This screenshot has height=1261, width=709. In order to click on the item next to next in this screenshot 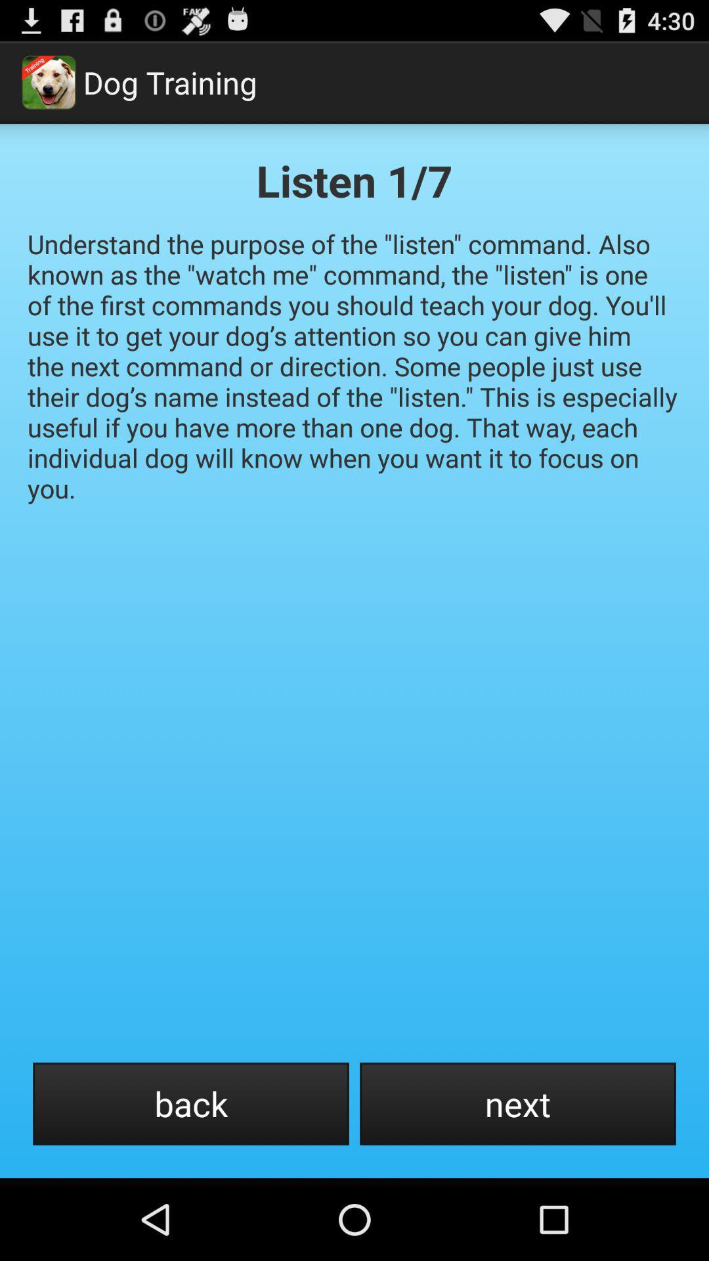, I will do `click(190, 1103)`.